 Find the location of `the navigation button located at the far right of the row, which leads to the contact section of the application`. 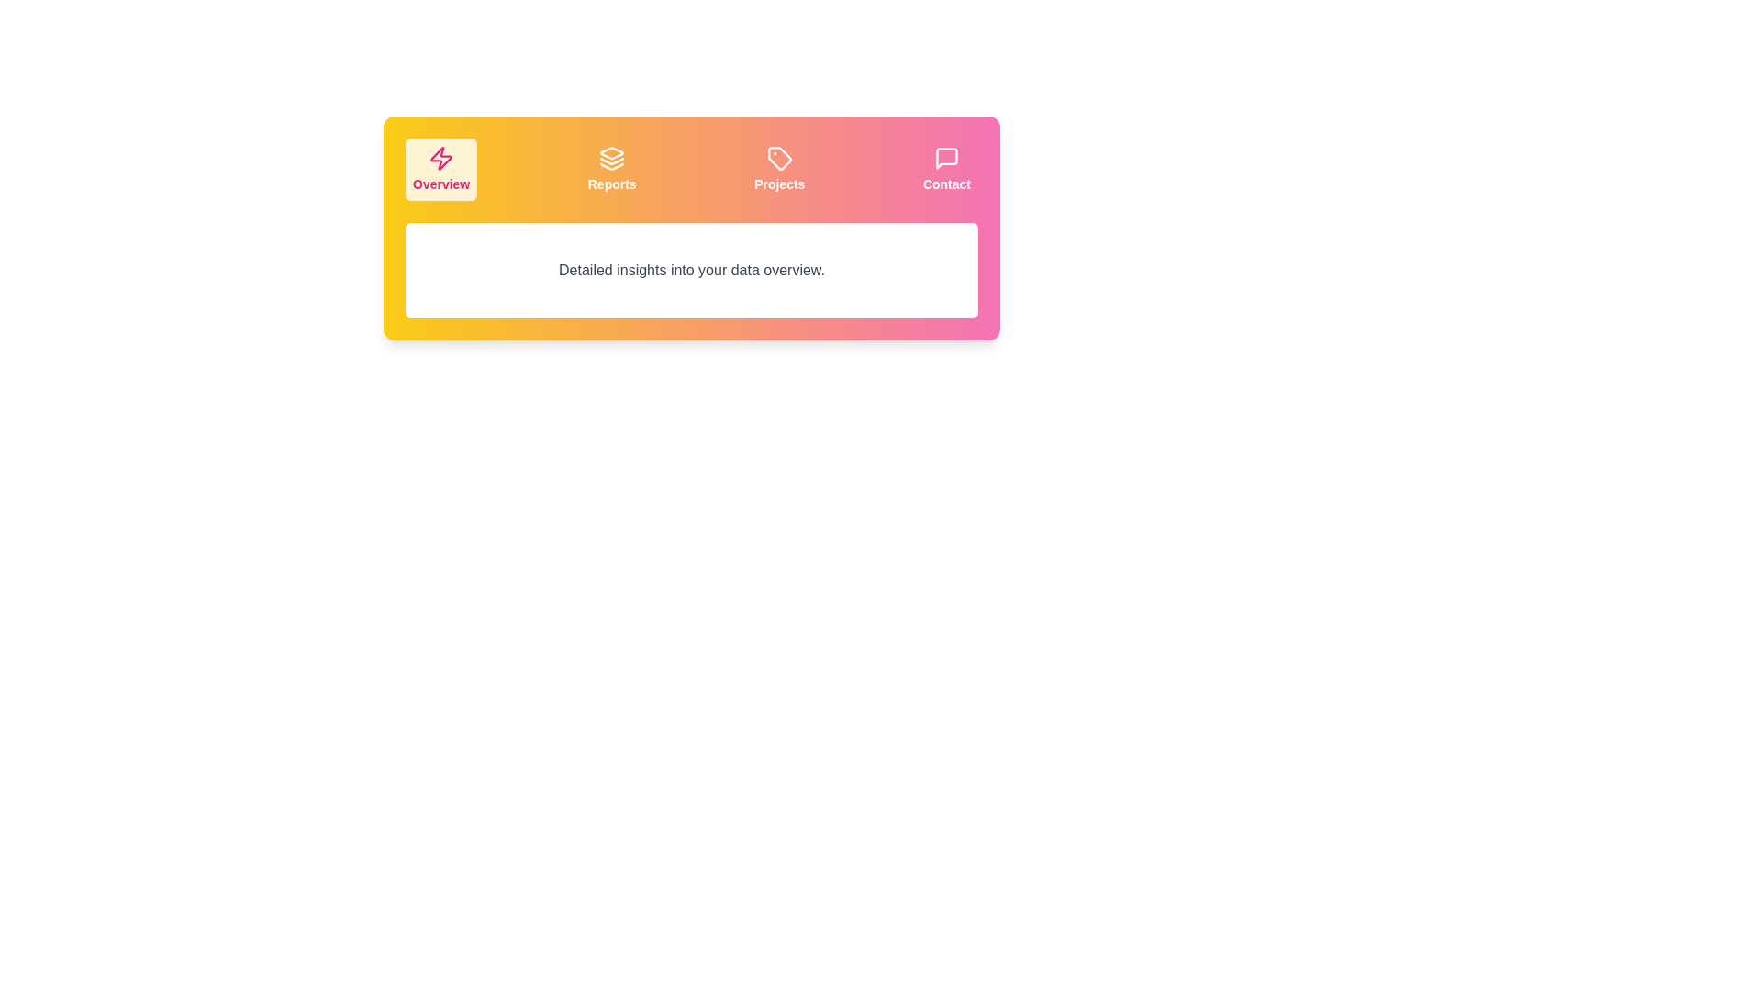

the navigation button located at the far right of the row, which leads to the contact section of the application is located at coordinates (947, 170).